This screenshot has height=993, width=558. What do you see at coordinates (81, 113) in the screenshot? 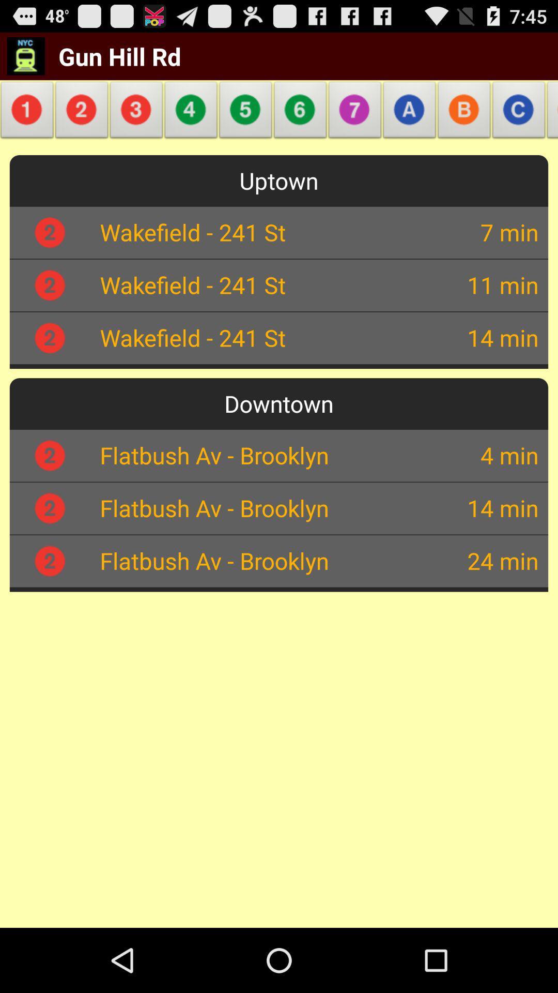
I see `item above uptown` at bounding box center [81, 113].